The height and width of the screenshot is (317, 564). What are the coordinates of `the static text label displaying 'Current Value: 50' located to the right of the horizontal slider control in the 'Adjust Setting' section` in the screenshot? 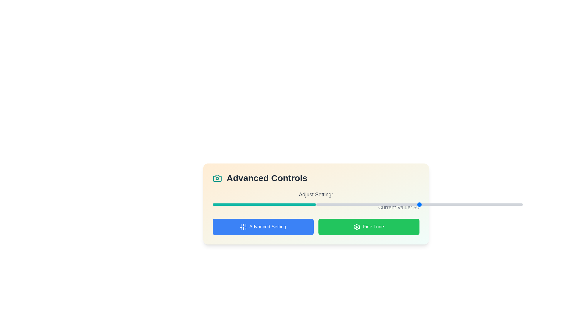 It's located at (315, 207).